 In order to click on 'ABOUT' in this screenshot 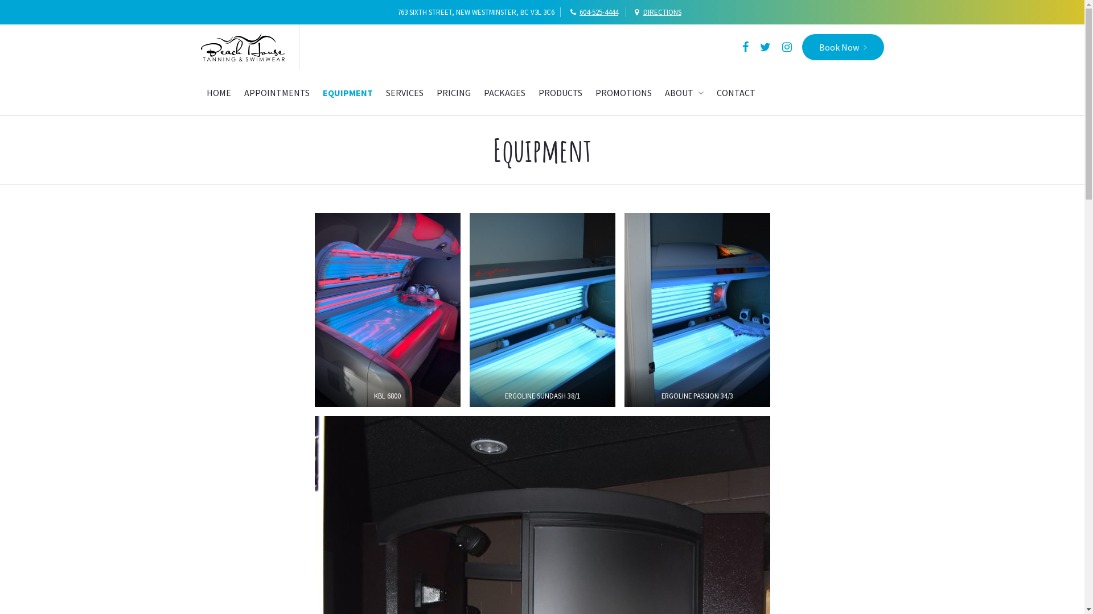, I will do `click(683, 92)`.